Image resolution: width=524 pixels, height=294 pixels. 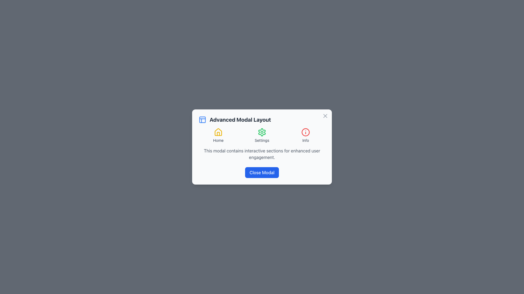 What do you see at coordinates (218, 140) in the screenshot?
I see `the 'Home' text label, which is styled with a small font size and gray color, located below a yellow house icon in the center section of a modal dialog` at bounding box center [218, 140].